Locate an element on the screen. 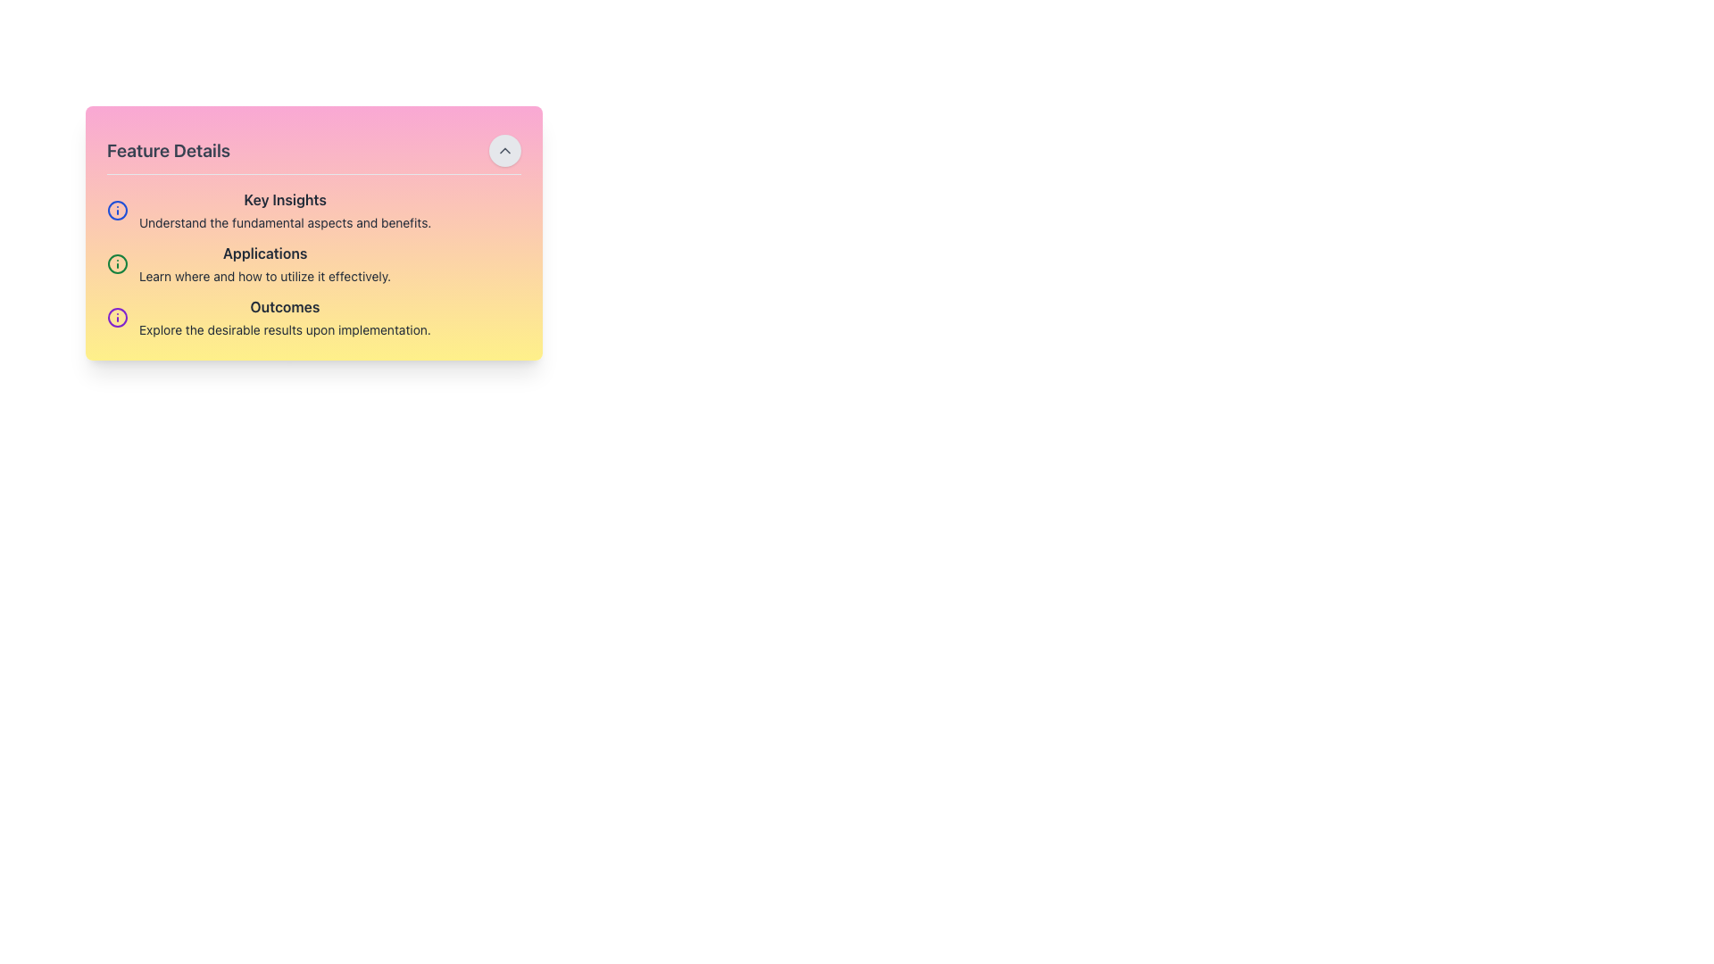  the Informational Section located below the title 'Feature Details', which includes headers 'Key Insights', 'Applications', and 'Outcomes' with descriptive text is located at coordinates (313, 264).